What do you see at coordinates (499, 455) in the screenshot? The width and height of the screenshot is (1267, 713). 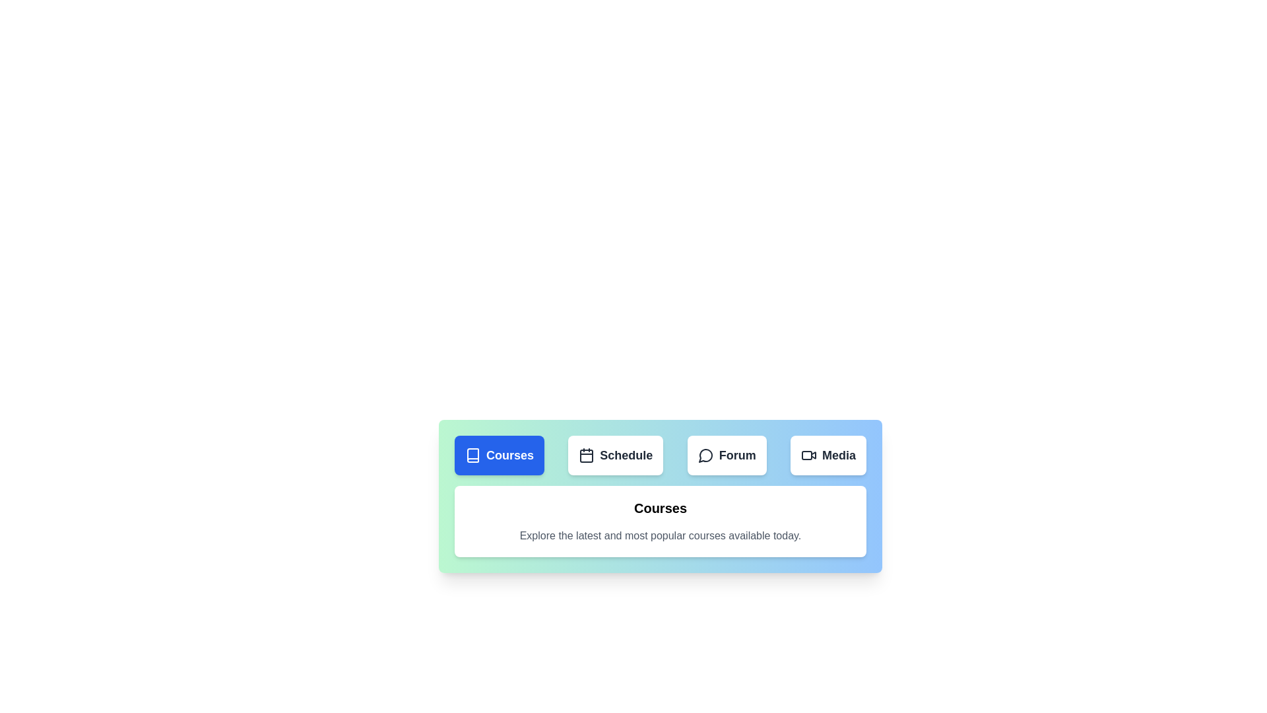 I see `the tab labeled Courses to view its content` at bounding box center [499, 455].